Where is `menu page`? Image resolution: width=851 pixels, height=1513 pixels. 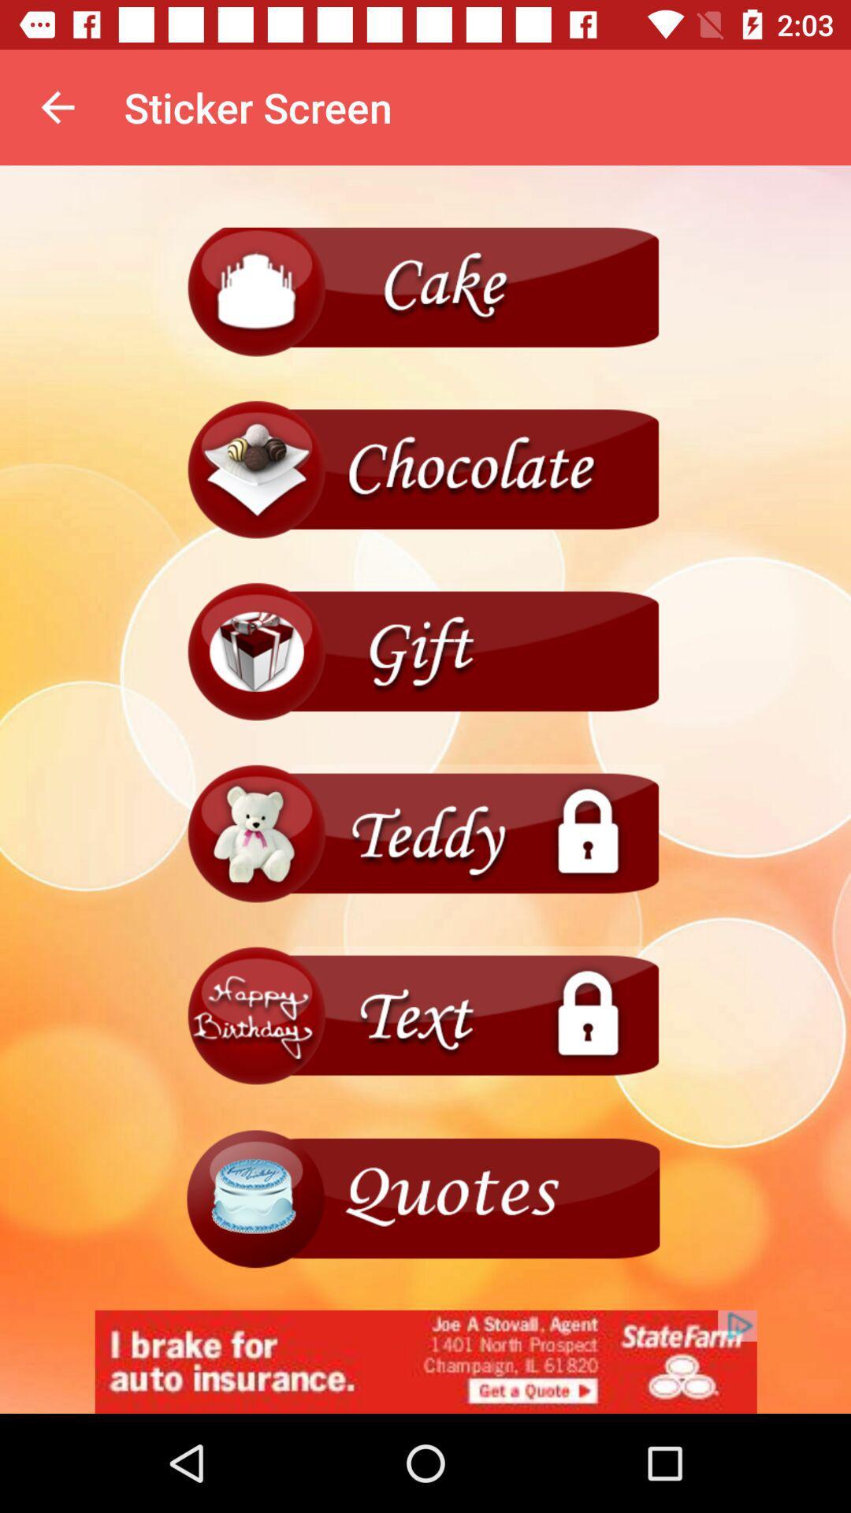
menu page is located at coordinates (425, 834).